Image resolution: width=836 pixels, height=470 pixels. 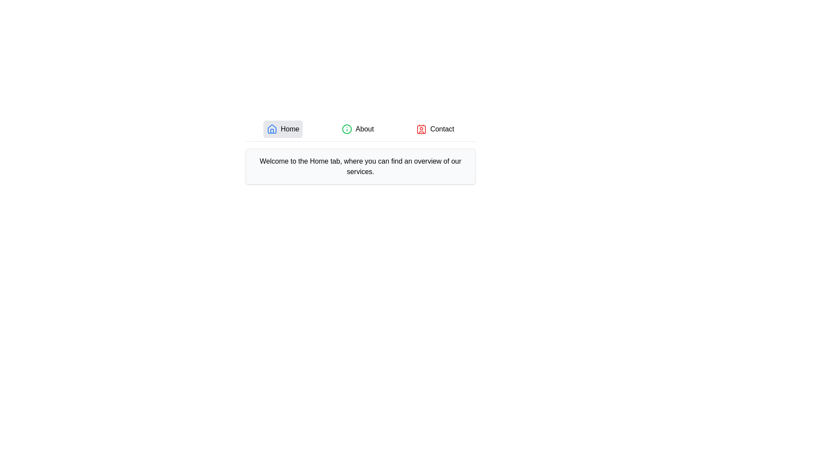 I want to click on the Contact tab to view its content, so click(x=435, y=129).